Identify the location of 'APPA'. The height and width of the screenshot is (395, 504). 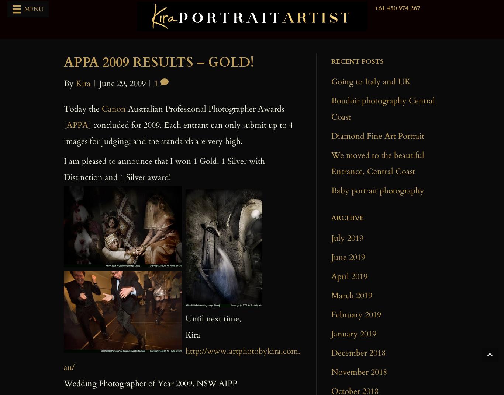
(66, 125).